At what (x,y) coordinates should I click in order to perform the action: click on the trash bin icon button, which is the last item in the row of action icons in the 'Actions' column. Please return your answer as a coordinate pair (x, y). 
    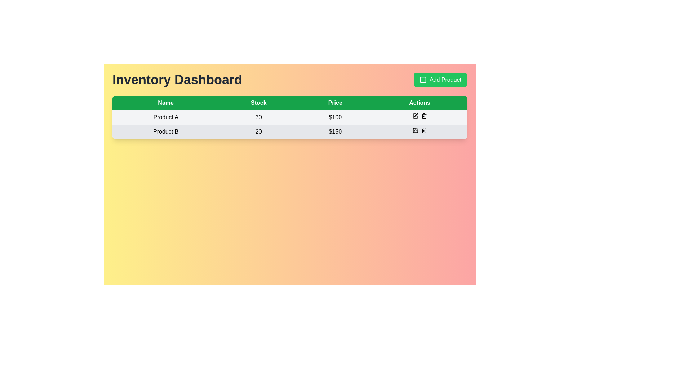
    Looking at the image, I should click on (424, 115).